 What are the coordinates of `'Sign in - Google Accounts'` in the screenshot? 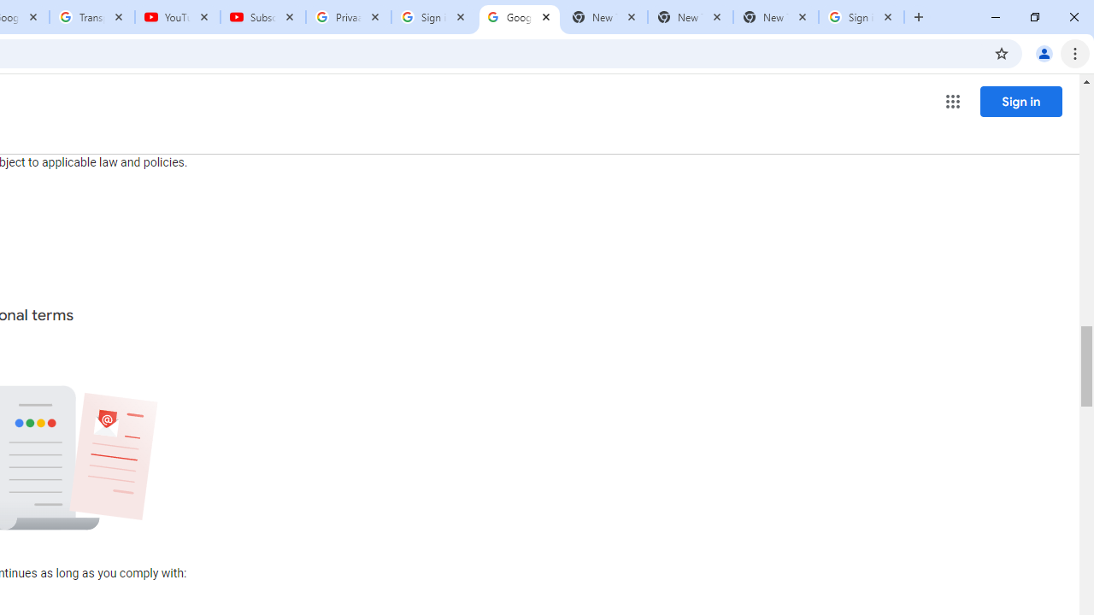 It's located at (434, 17).